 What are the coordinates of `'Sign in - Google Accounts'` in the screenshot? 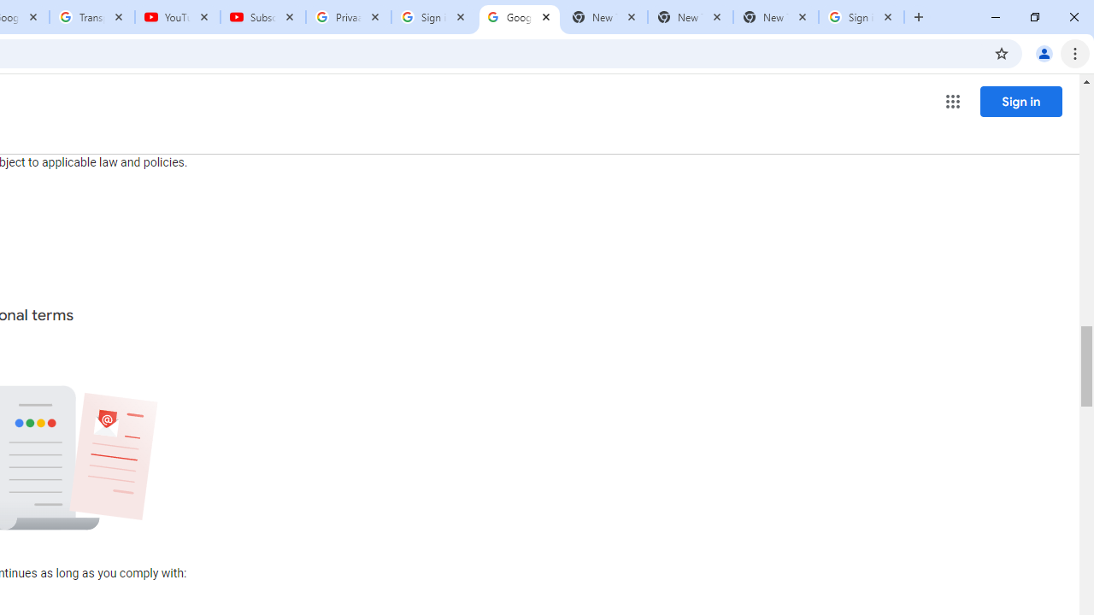 It's located at (434, 17).